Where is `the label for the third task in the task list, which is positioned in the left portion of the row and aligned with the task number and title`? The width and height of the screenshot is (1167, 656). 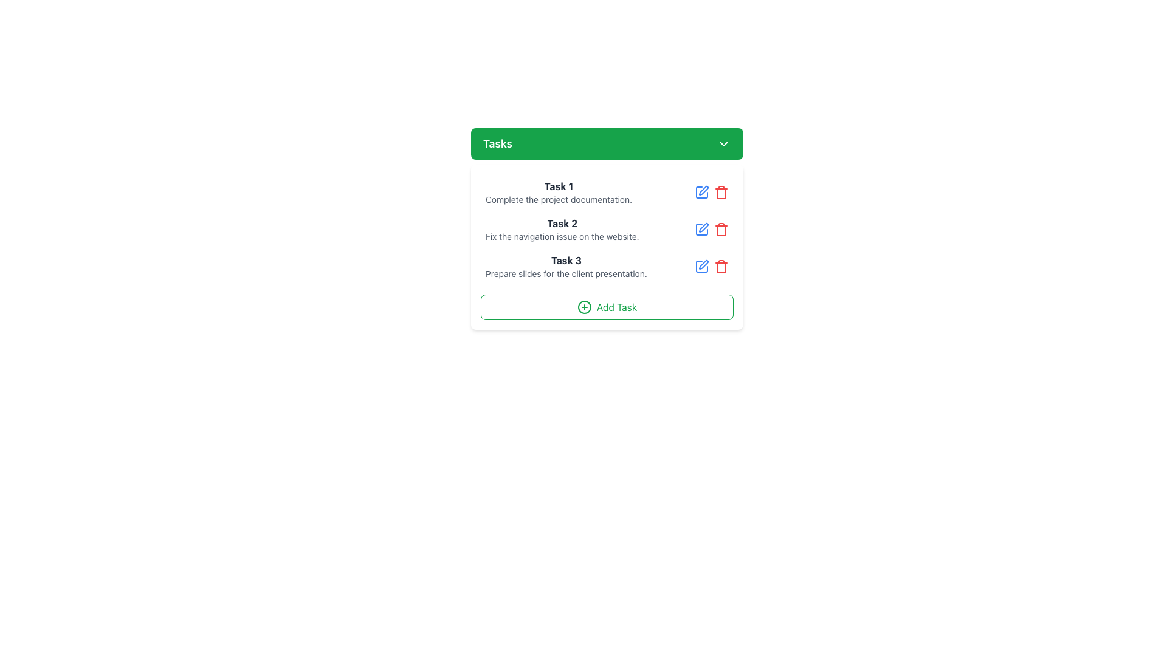
the label for the third task in the task list, which is positioned in the left portion of the row and aligned with the task number and title is located at coordinates (565, 259).